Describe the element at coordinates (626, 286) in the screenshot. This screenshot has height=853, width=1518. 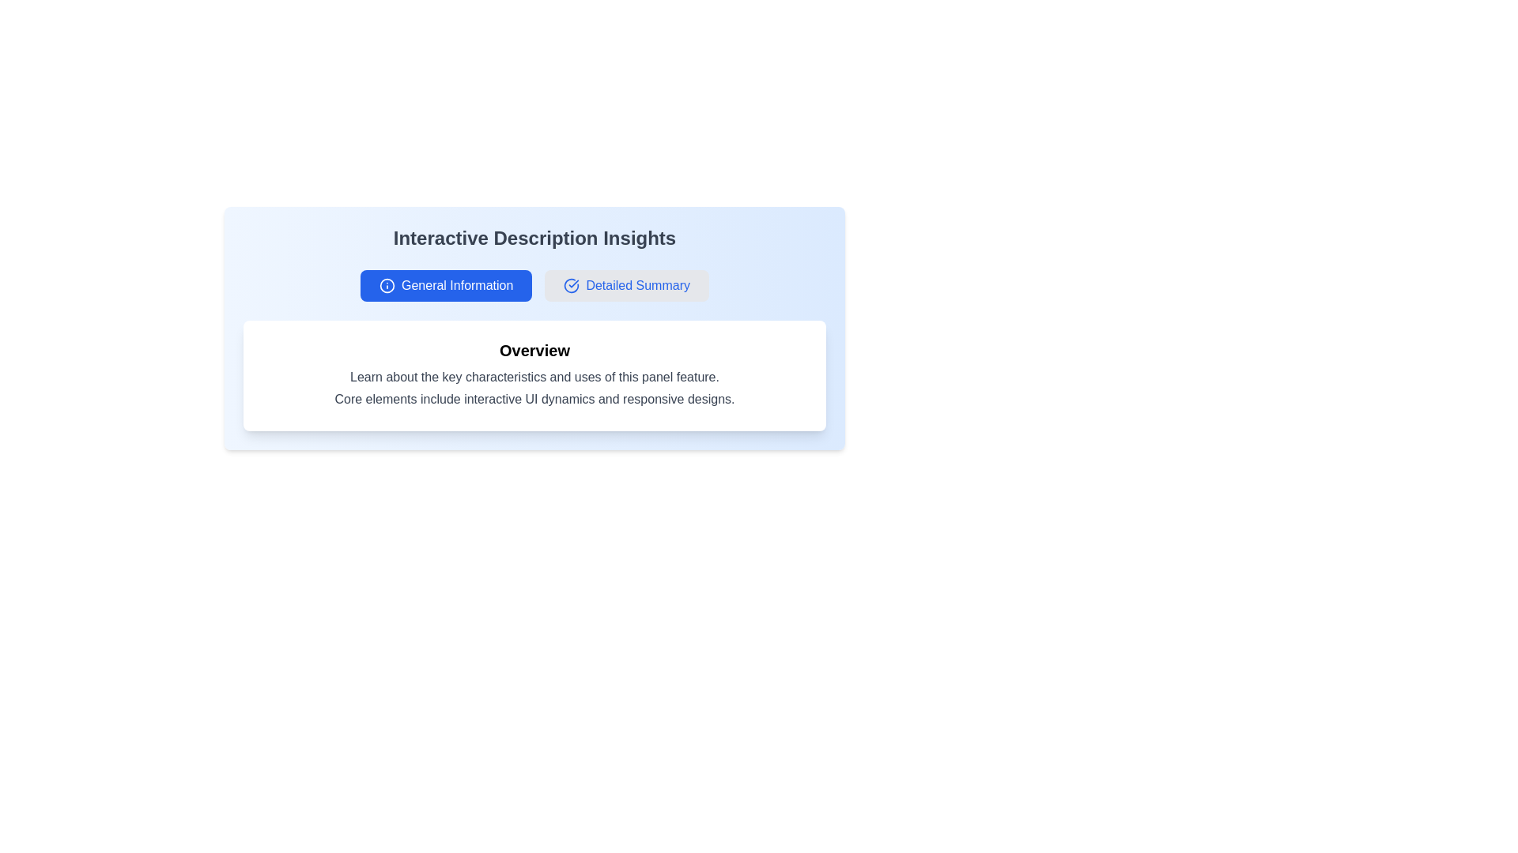
I see `the 'Detailed Summary' button, which is a rounded rectangular button with a light gray background and a blue check mark icon to the left of the label` at that location.